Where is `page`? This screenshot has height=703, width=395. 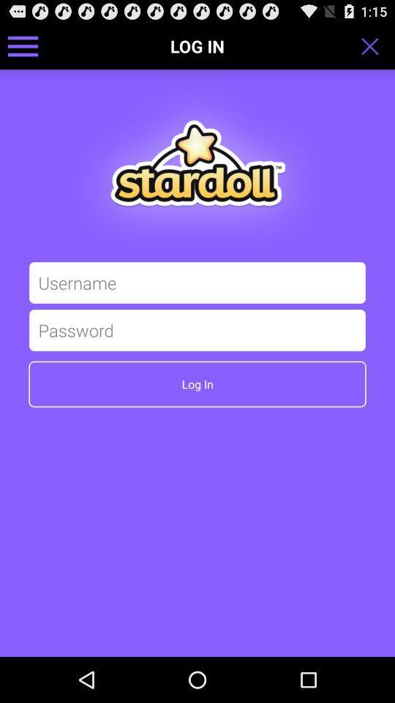 page is located at coordinates (375, 45).